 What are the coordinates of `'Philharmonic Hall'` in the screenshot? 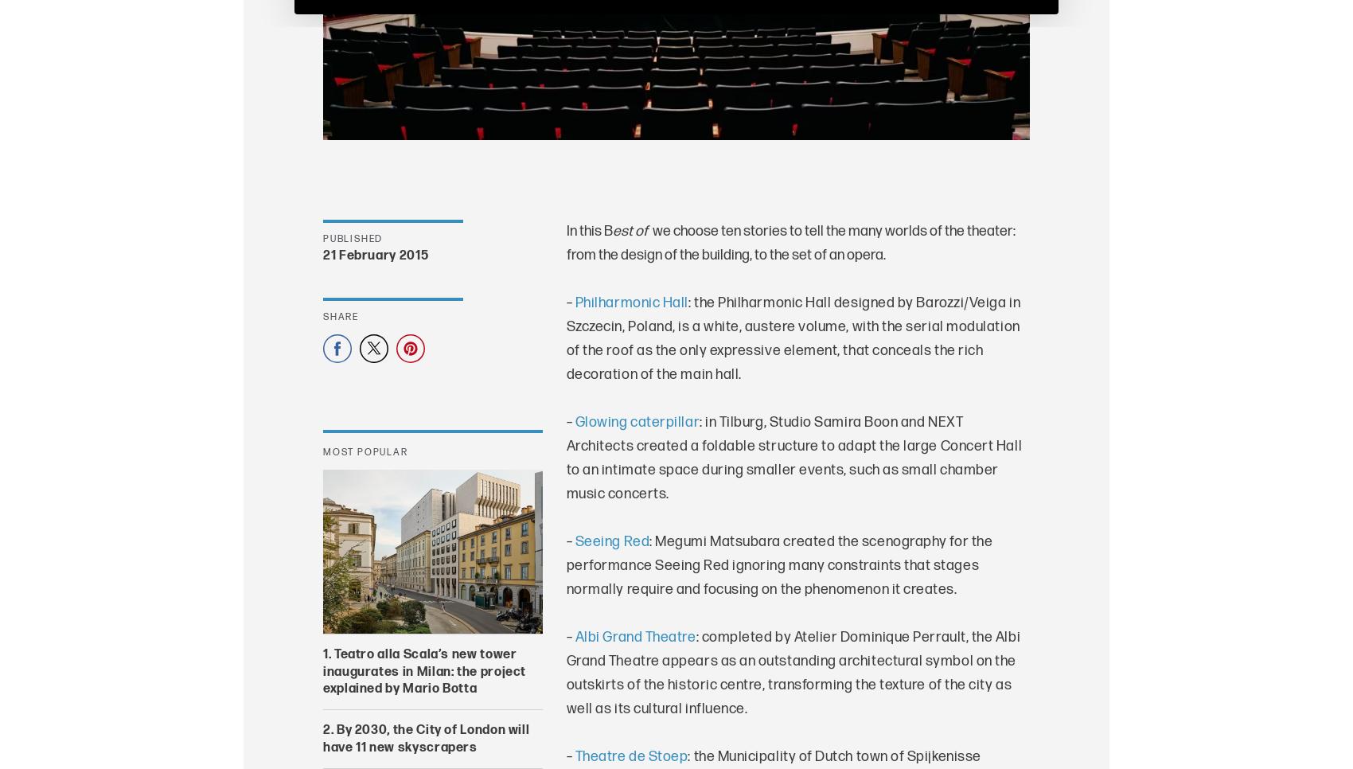 It's located at (630, 303).